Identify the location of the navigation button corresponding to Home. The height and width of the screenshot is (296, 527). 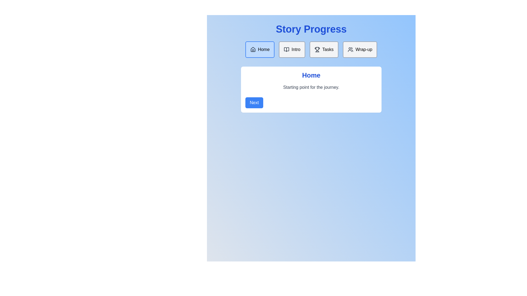
(259, 50).